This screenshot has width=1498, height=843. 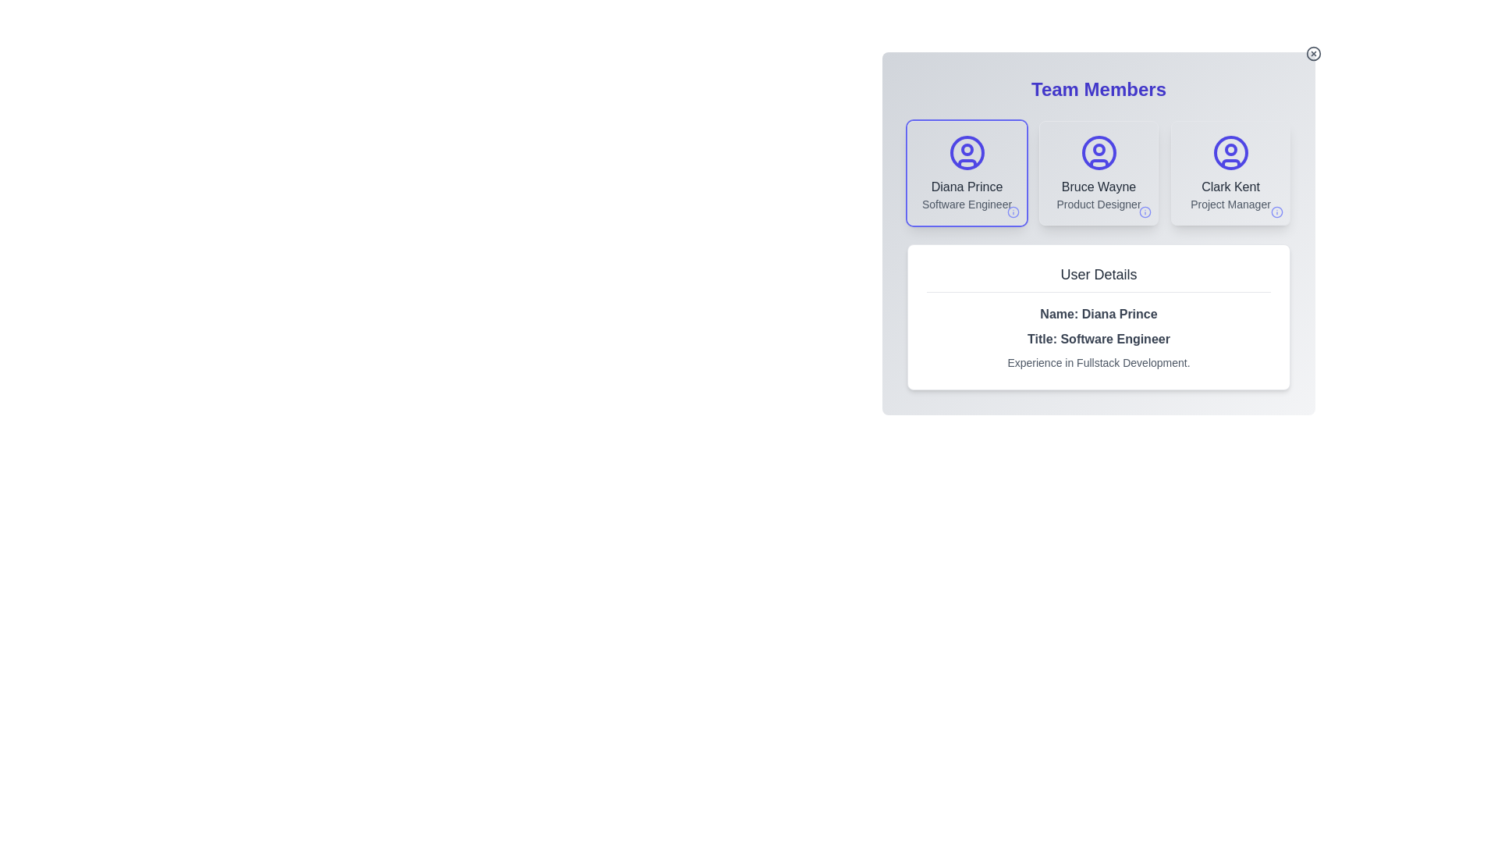 What do you see at coordinates (966, 153) in the screenshot?
I see `the user profile icon representing Diana Prince, located at the top center of the card containing her name and title in the 'Team Members' section` at bounding box center [966, 153].